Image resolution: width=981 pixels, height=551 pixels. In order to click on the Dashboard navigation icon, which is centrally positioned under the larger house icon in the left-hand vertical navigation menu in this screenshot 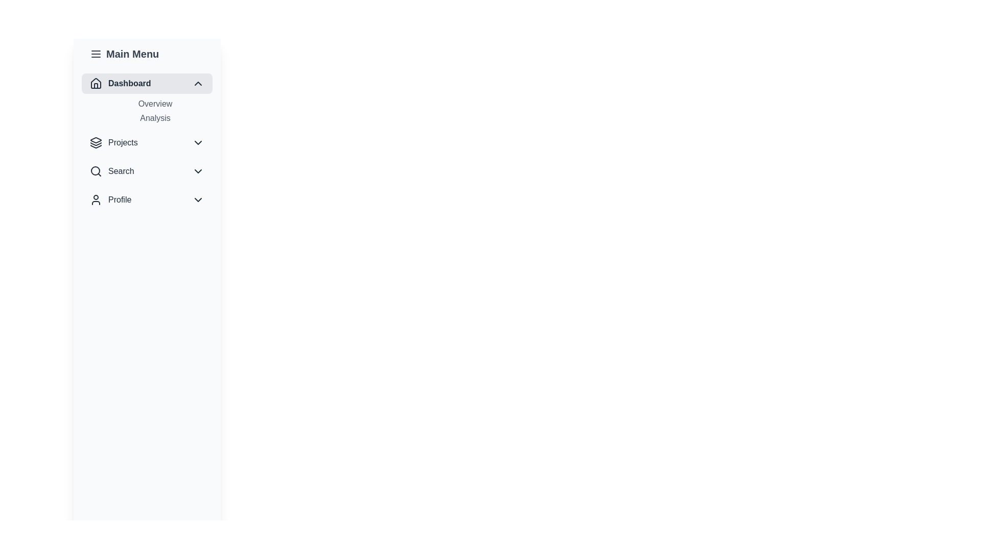, I will do `click(96, 82)`.